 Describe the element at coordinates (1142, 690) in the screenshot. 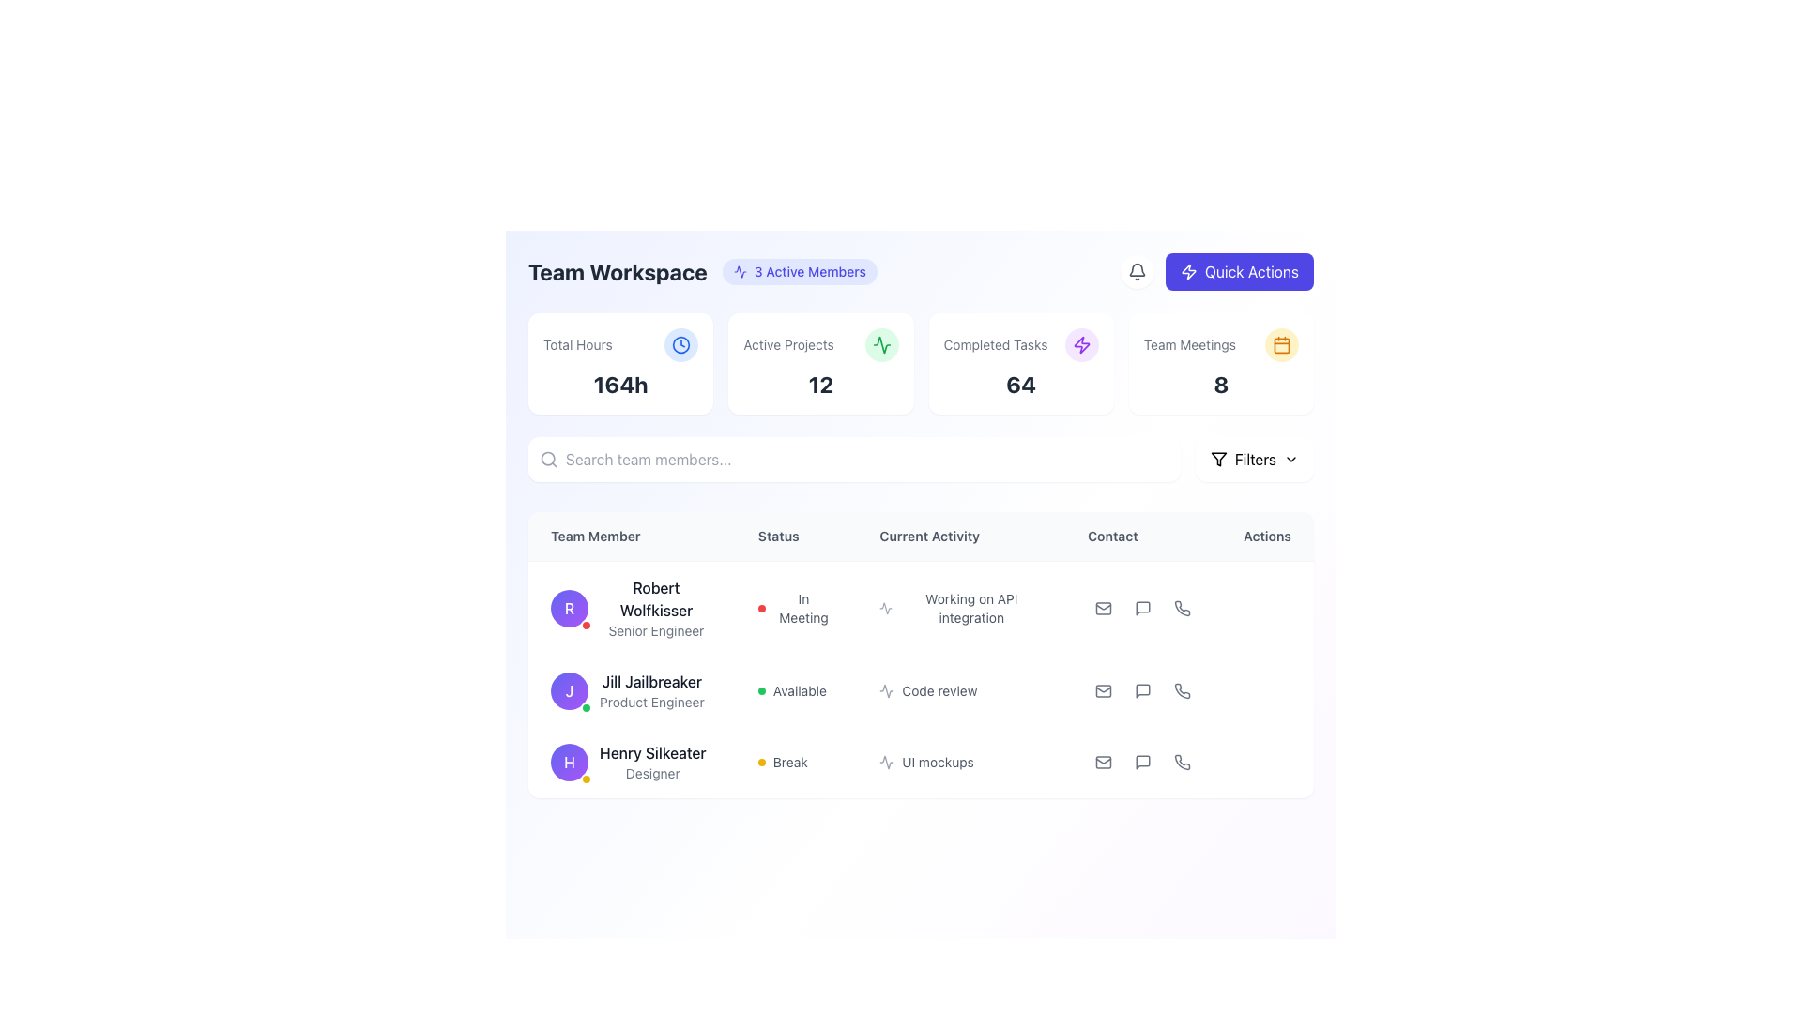

I see `the speech bubble icon in the 'Contact' column associated with user 'Jill Jailbreaker'` at that location.